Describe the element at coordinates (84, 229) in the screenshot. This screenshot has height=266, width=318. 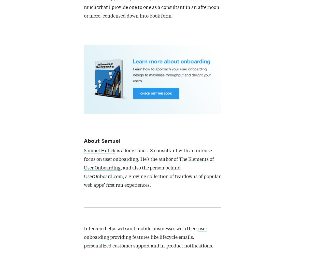
I see `'Intercom helps web and mobile businesses with their'` at that location.